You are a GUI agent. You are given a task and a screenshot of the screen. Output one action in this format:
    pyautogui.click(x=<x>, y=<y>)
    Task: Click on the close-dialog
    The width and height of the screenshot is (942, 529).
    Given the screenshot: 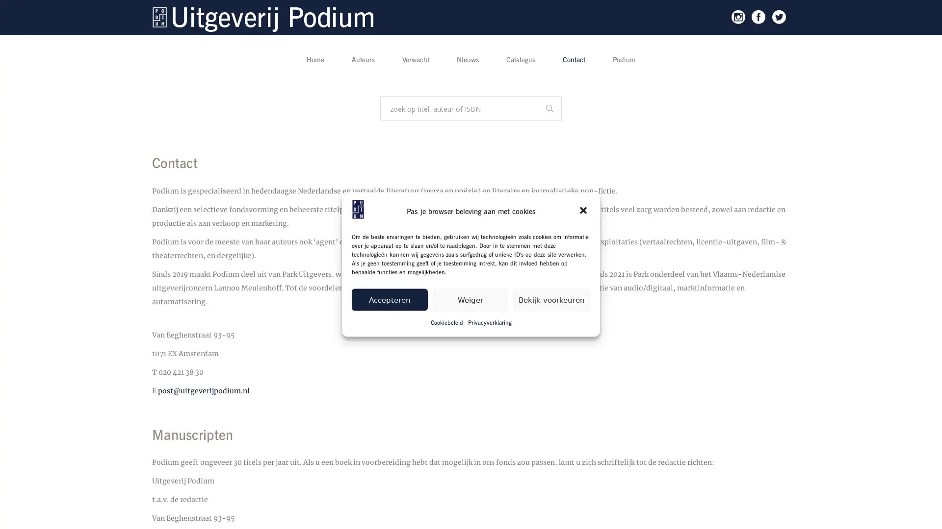 What is the action you would take?
    pyautogui.click(x=584, y=211)
    